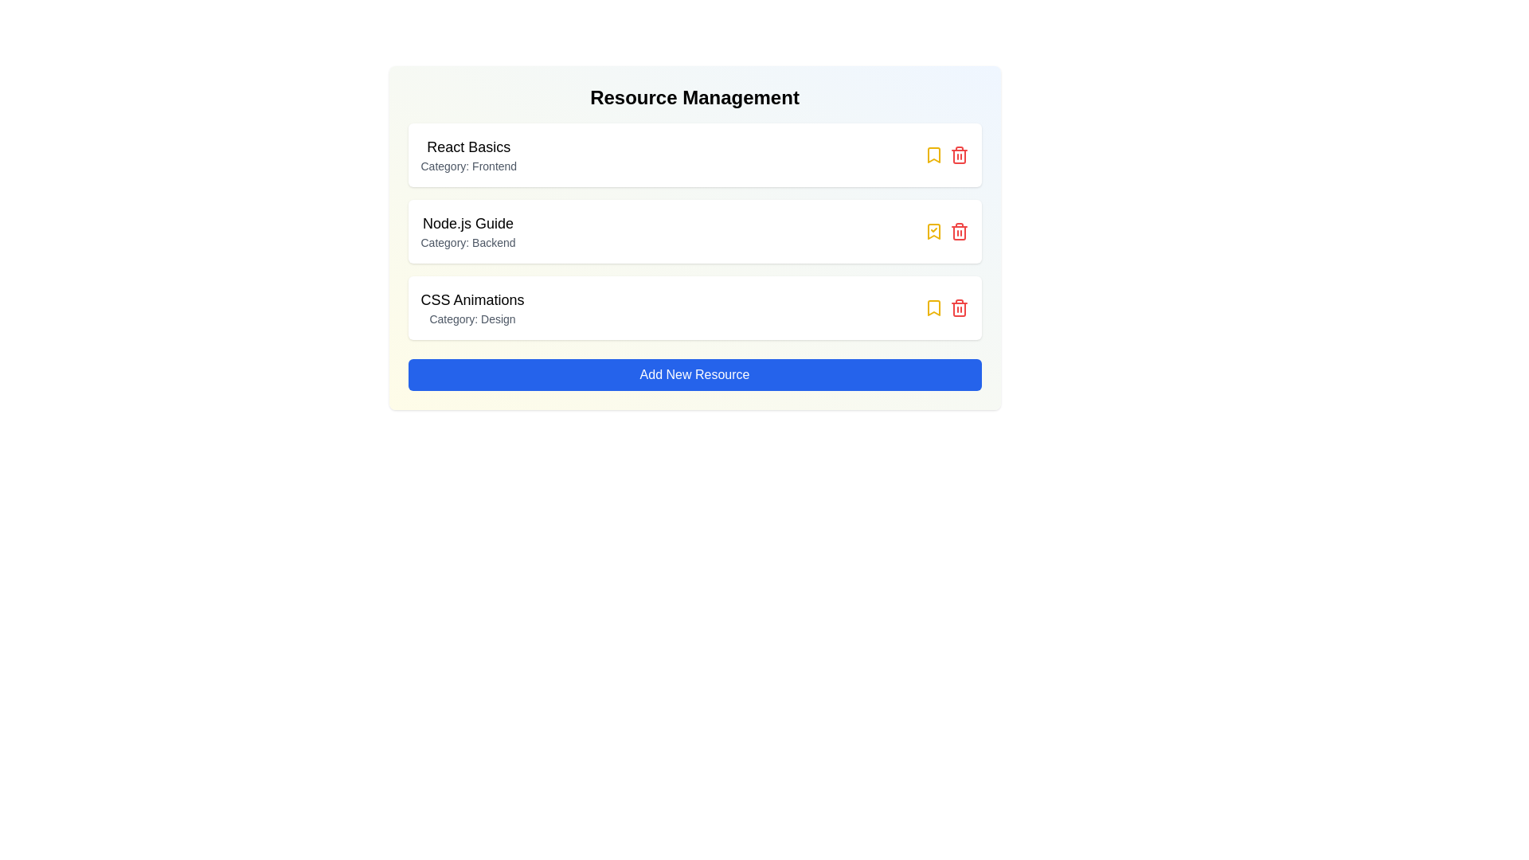  What do you see at coordinates (958, 231) in the screenshot?
I see `trash icon for the resource titled 'Node.js Guide'` at bounding box center [958, 231].